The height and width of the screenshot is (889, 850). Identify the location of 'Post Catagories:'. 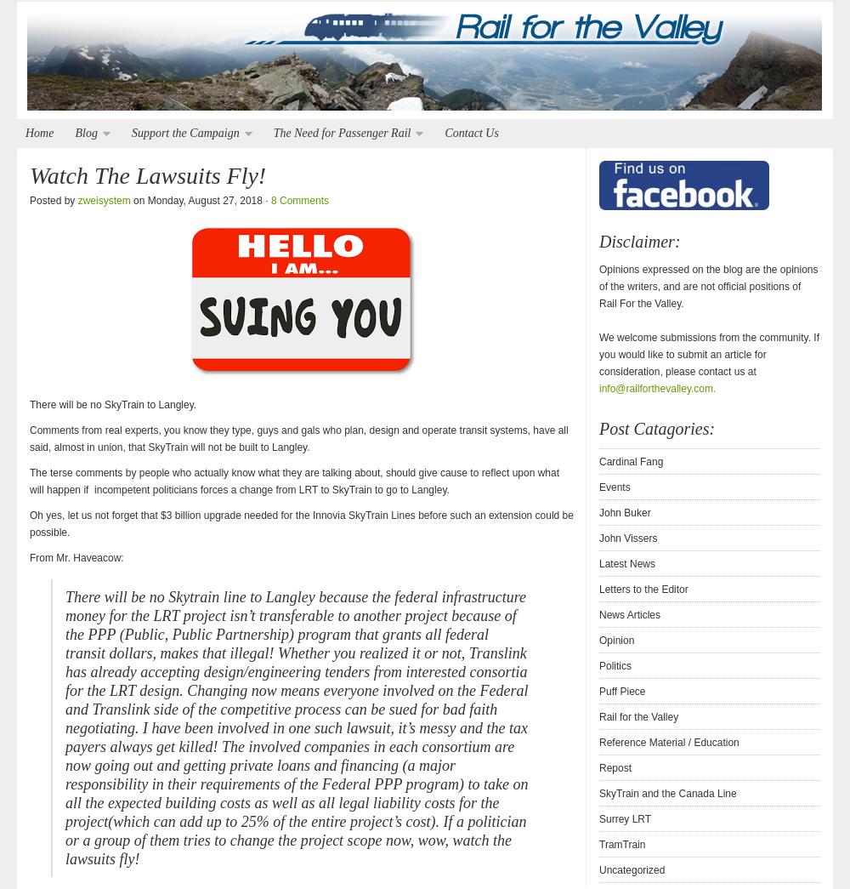
(598, 428).